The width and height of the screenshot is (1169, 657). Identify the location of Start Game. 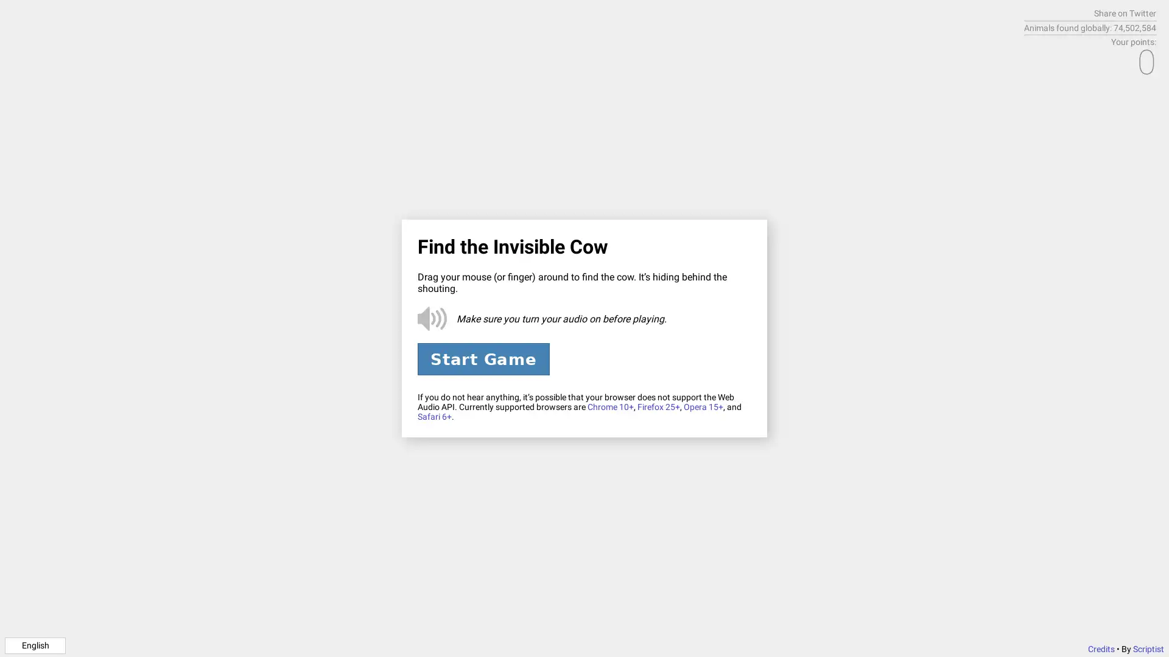
(482, 358).